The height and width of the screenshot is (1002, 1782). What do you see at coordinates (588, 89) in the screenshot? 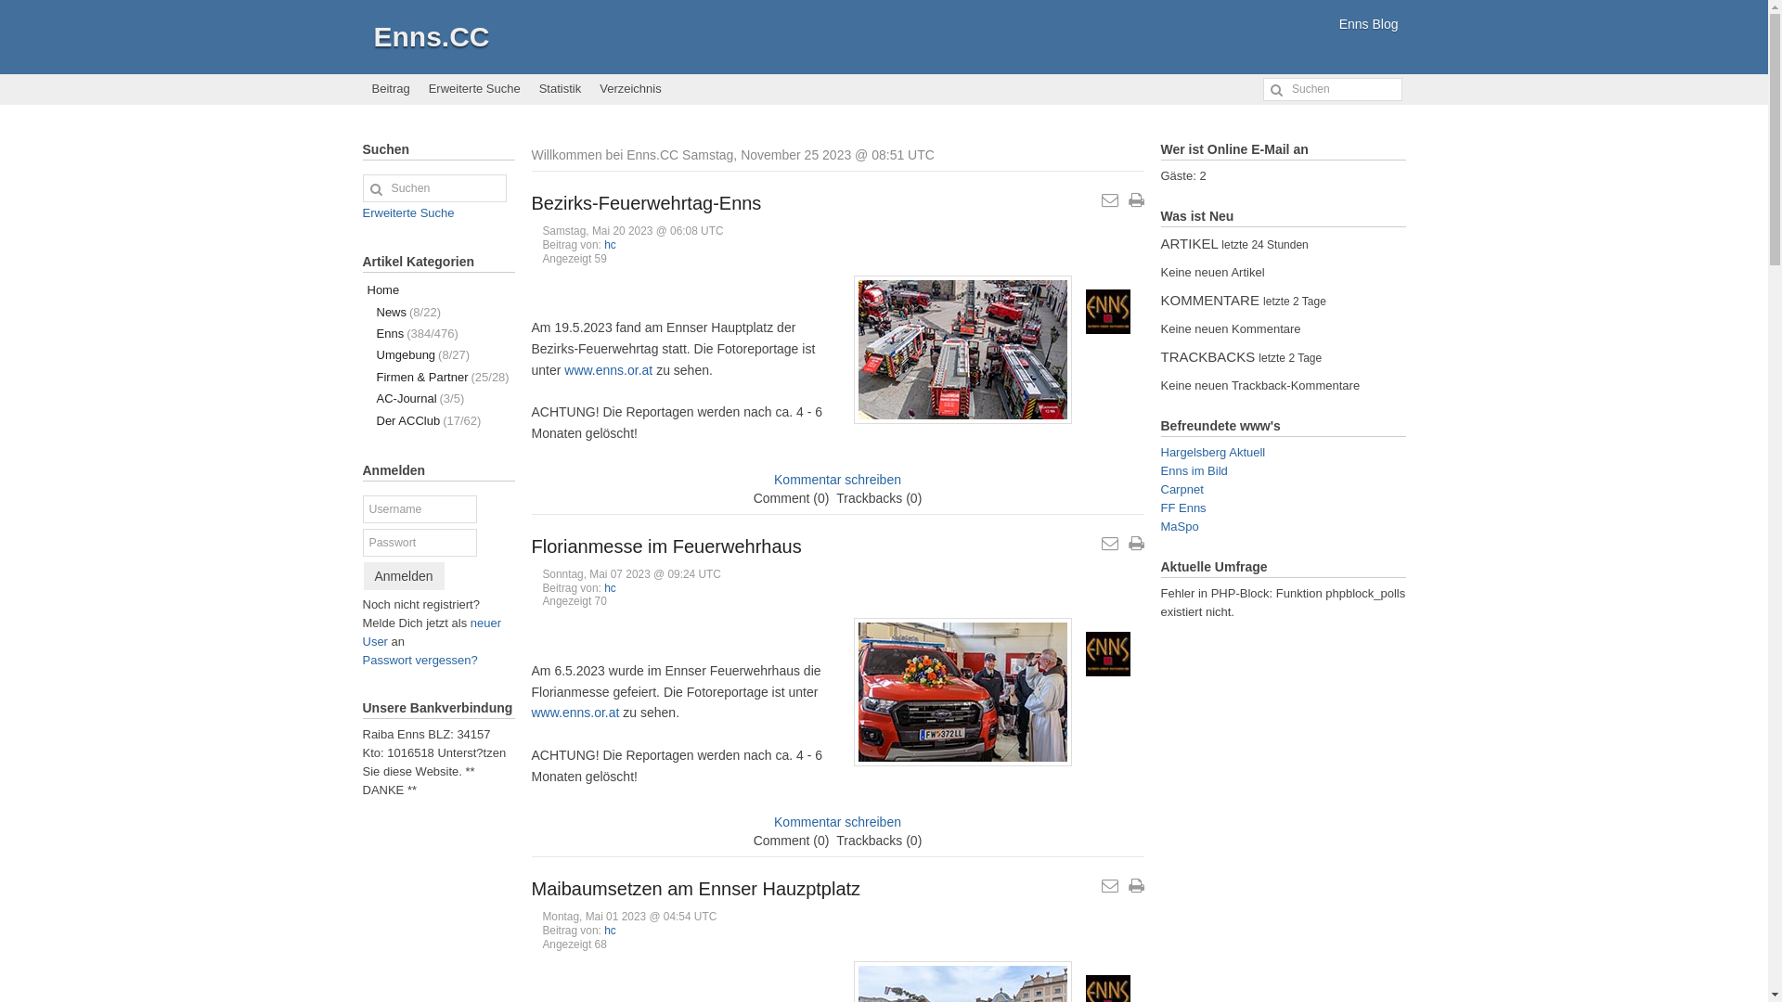
I see `'Verzeichnis'` at bounding box center [588, 89].